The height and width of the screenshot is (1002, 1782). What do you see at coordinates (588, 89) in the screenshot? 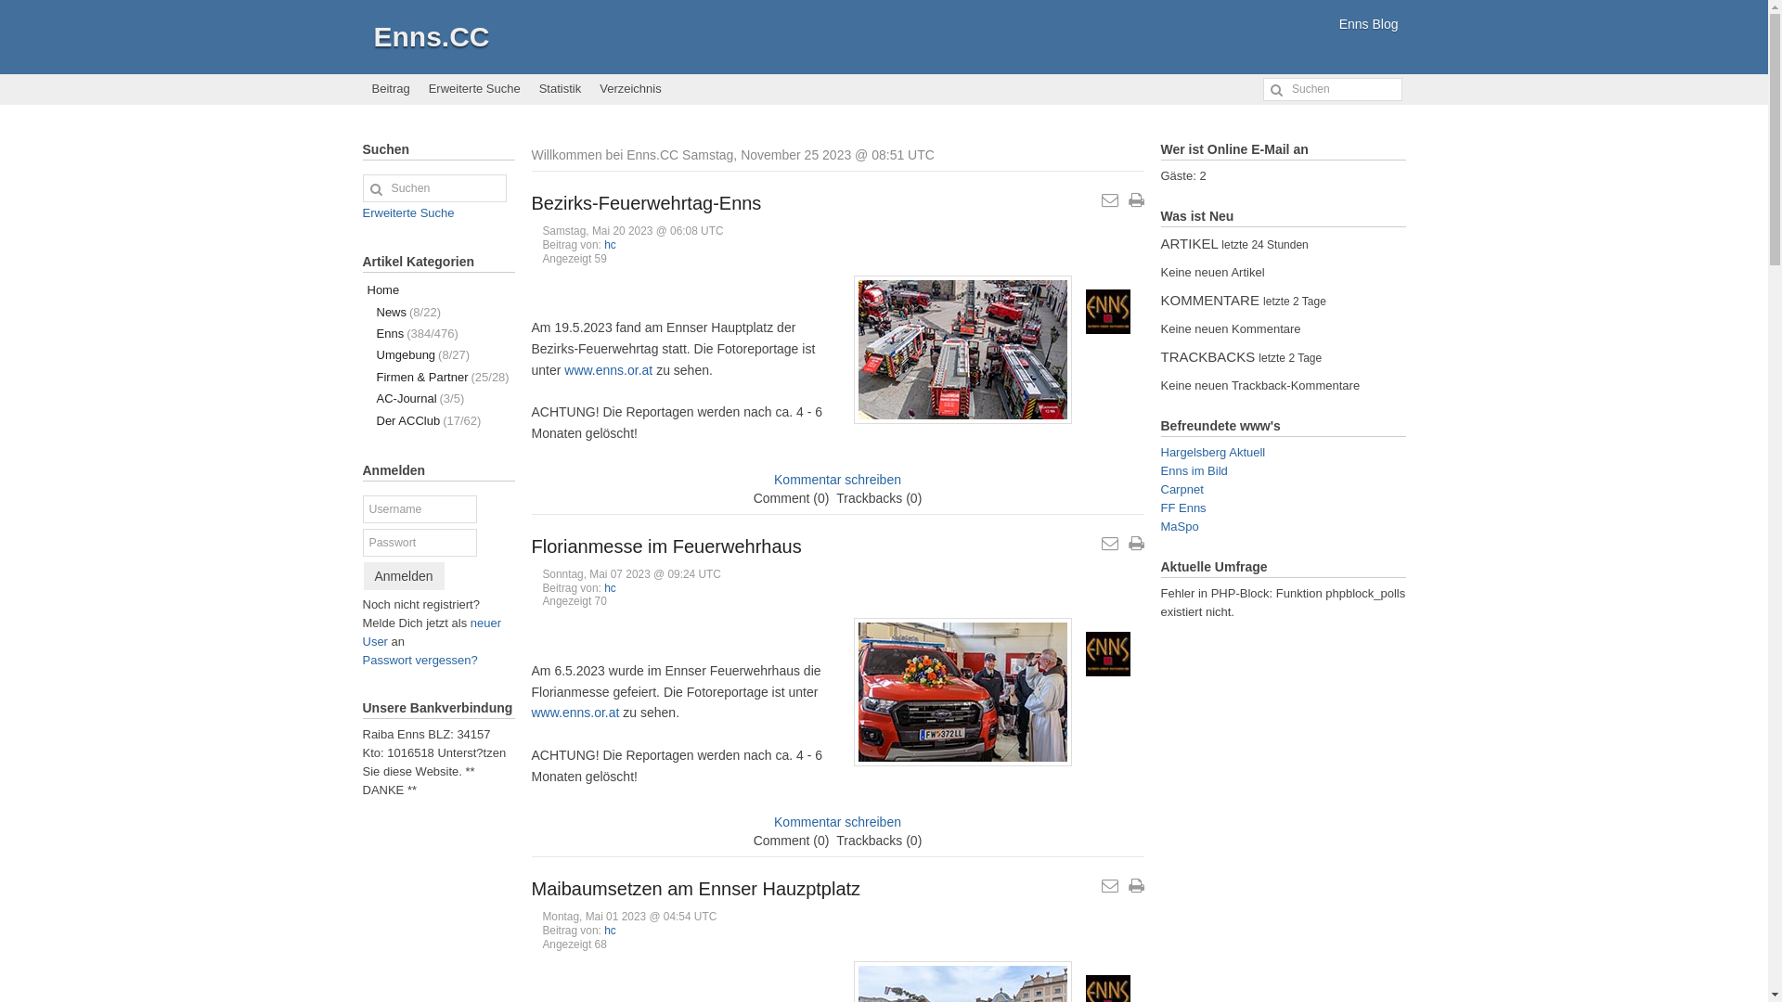
I see `'Verzeichnis'` at bounding box center [588, 89].